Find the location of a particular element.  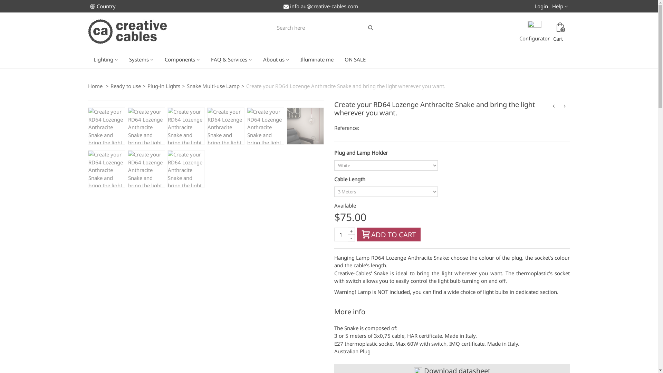

'Lighting' is located at coordinates (105, 58).